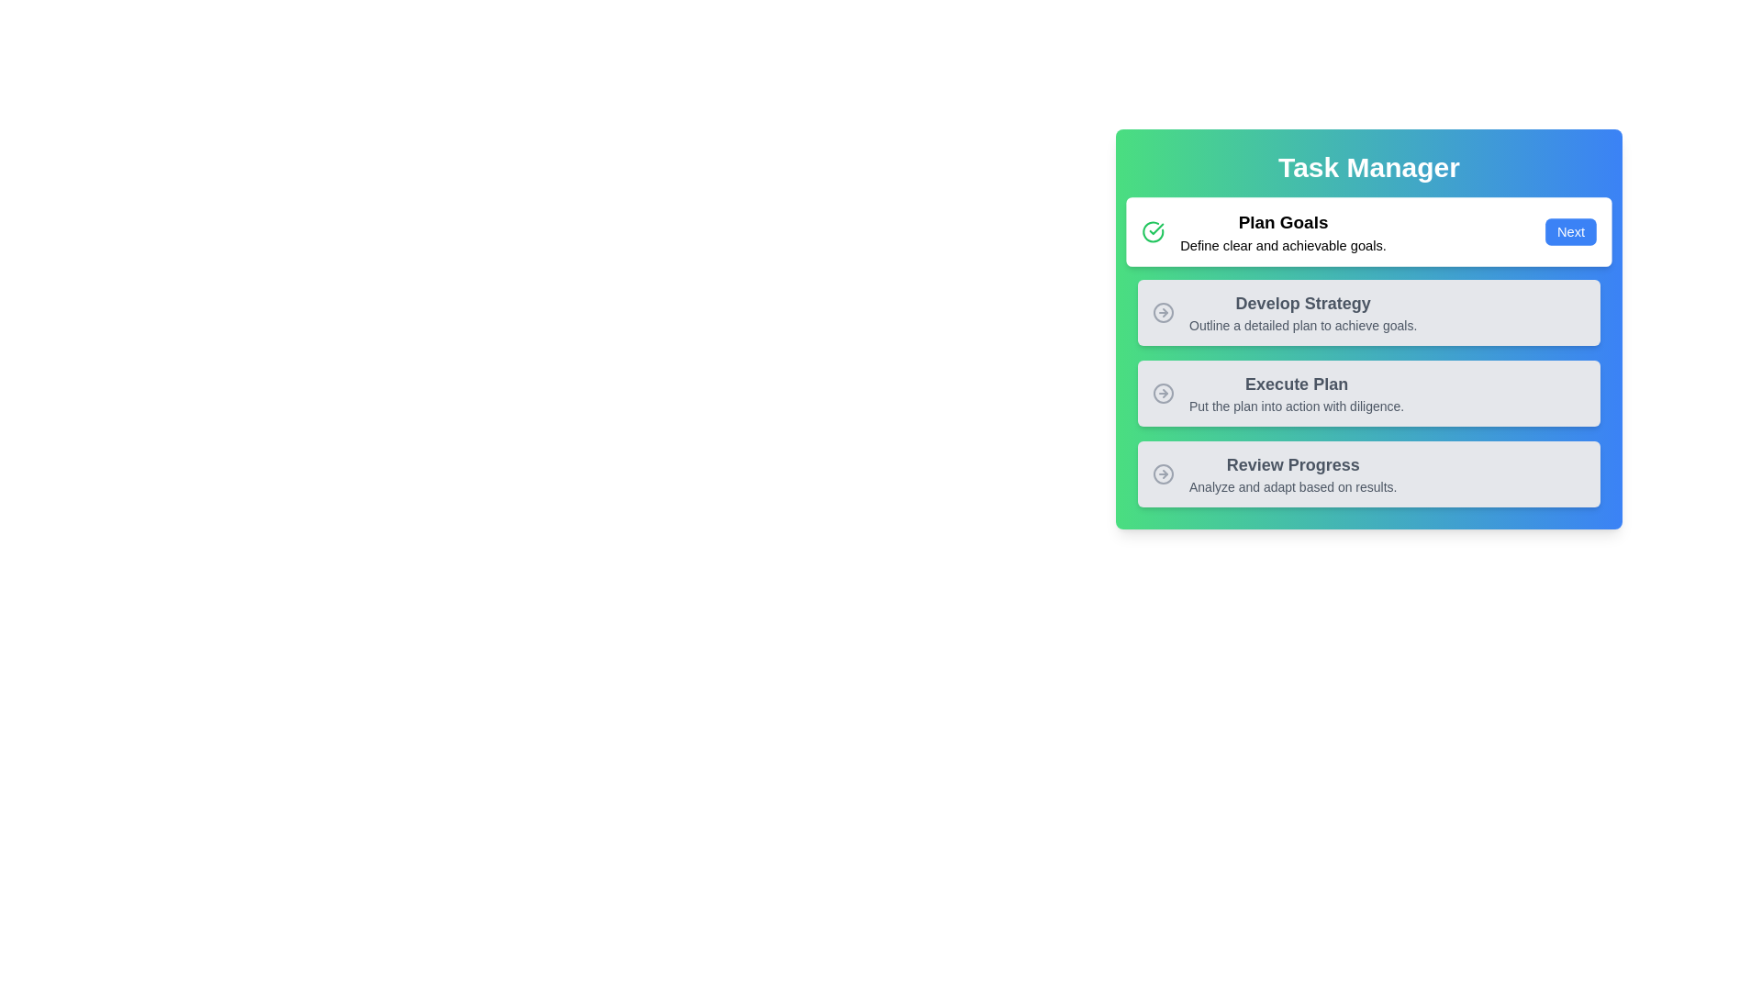 Image resolution: width=1762 pixels, height=991 pixels. Describe the element at coordinates (1296, 406) in the screenshot. I see `the text element providing additional information for the 'Execute Plan' task, located beneath the 'Execute Plan' heading in the 'Task Manager' card interface` at that location.